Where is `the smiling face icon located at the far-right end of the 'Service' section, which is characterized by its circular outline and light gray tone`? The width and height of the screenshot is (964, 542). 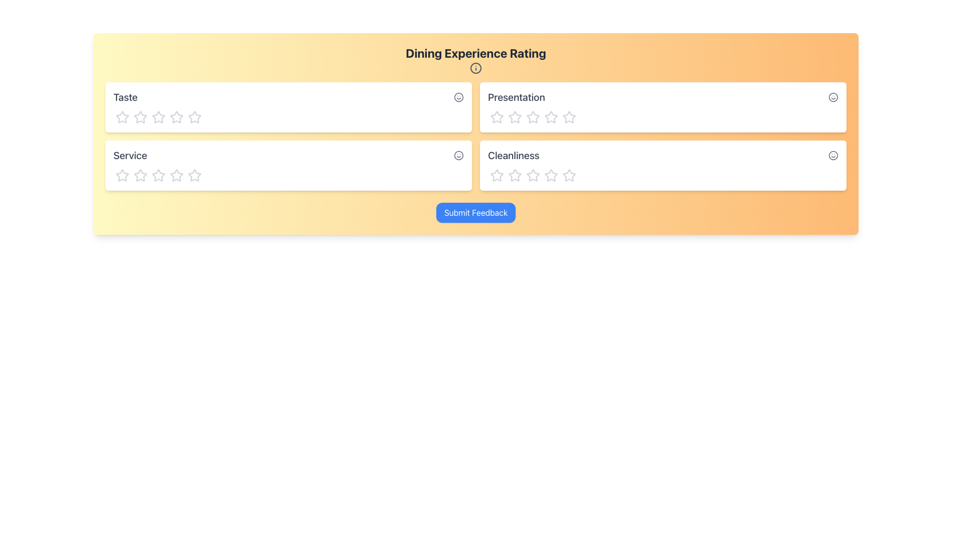 the smiling face icon located at the far-right end of the 'Service' section, which is characterized by its circular outline and light gray tone is located at coordinates (458, 155).